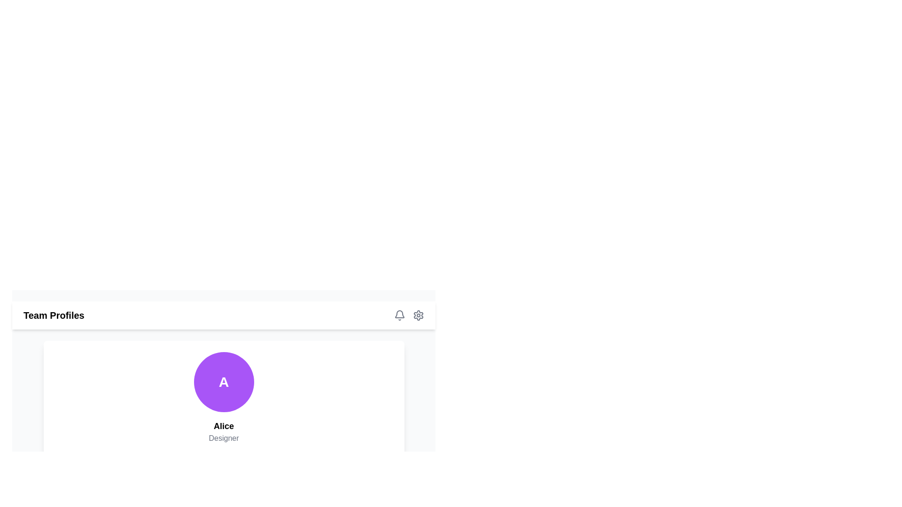 Image resolution: width=902 pixels, height=507 pixels. Describe the element at coordinates (223, 365) in the screenshot. I see `the purple circle avatar displaying the letter 'A' in the profile card layout for 'Alice', located in the 'Team Profiles' section` at that location.